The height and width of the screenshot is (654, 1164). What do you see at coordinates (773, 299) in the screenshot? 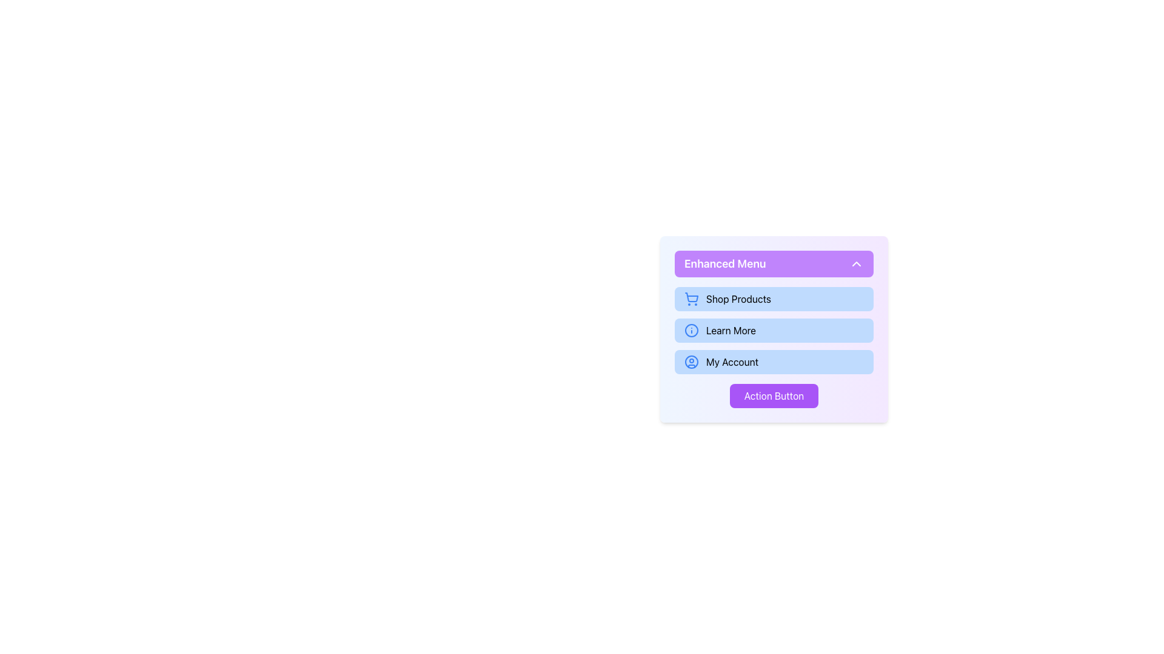
I see `the 'Shop Products' navigation button located in the 'Enhanced Menu' section` at bounding box center [773, 299].